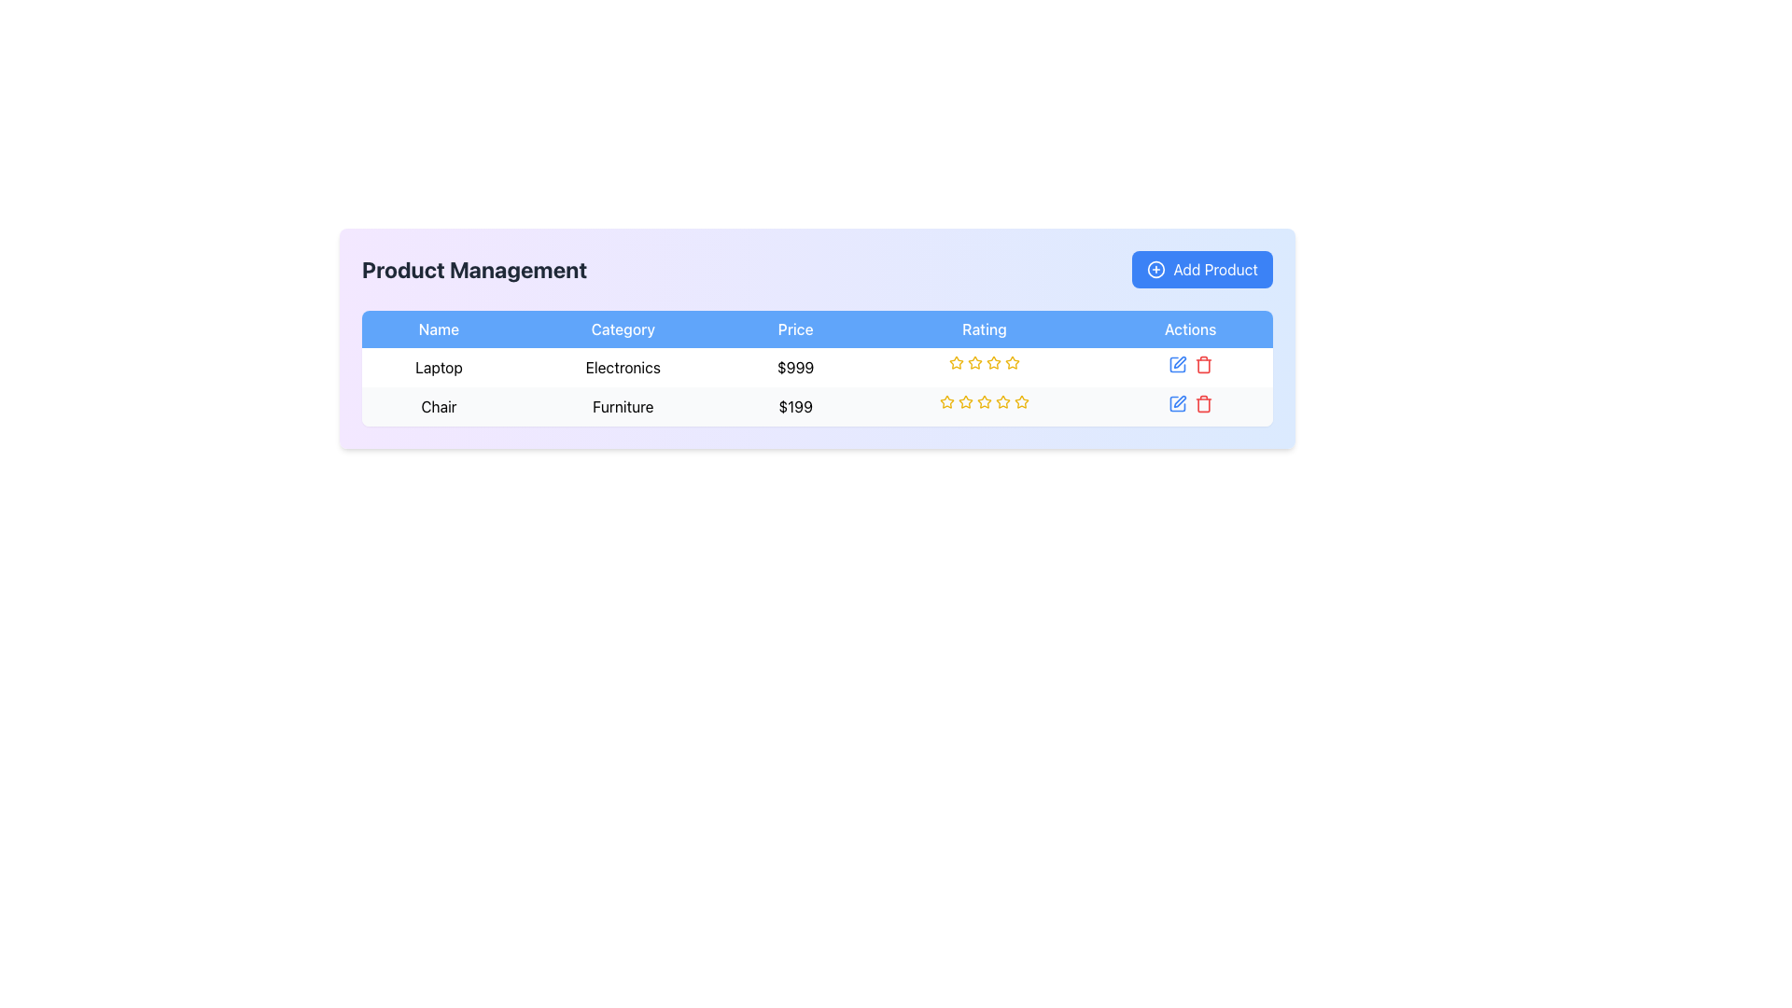 The image size is (1792, 1008). Describe the element at coordinates (1020, 399) in the screenshot. I see `the fifth Rating Star Icon in the 'Rating' column of the second row in the 'Product Management' section` at that location.